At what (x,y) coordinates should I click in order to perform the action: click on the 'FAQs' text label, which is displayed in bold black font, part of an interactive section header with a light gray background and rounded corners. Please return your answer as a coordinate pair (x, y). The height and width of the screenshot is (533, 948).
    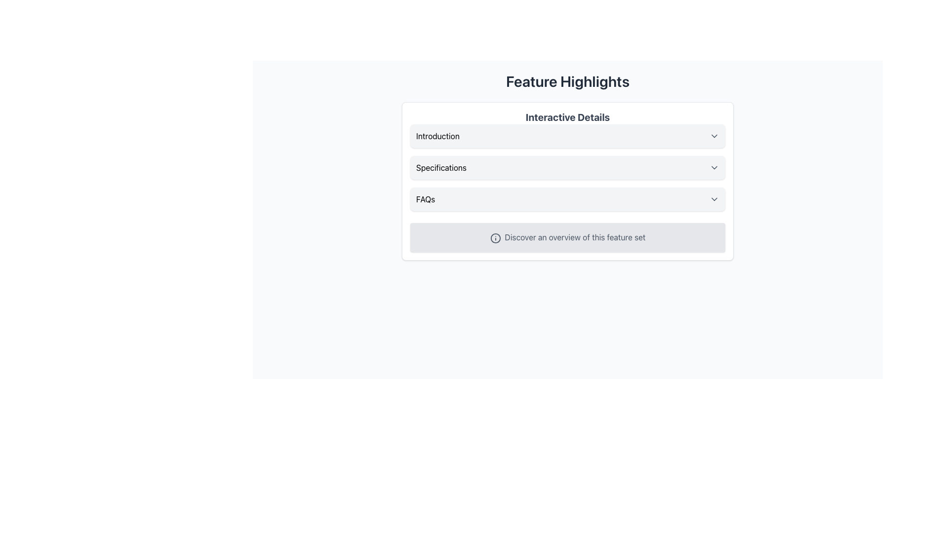
    Looking at the image, I should click on (426, 199).